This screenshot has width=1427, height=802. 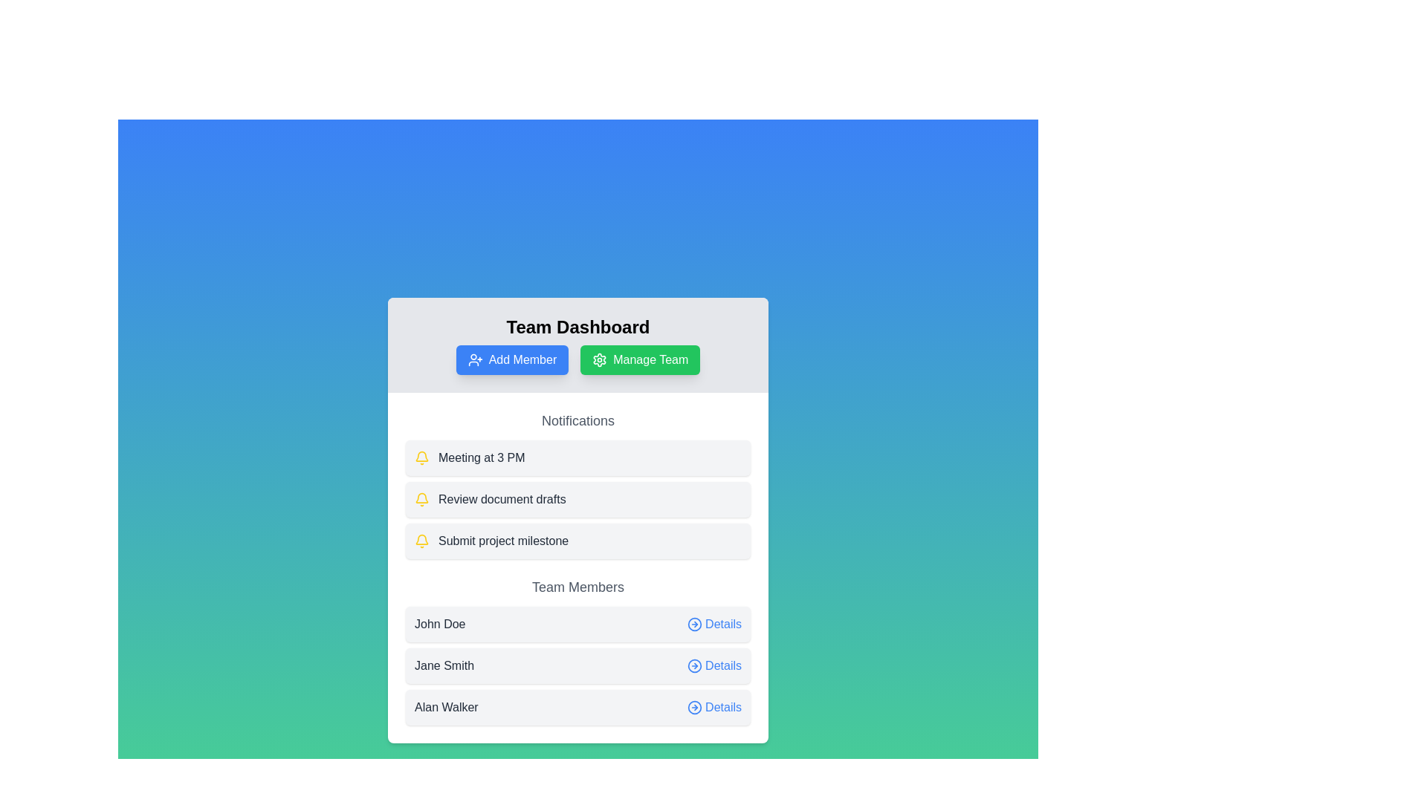 What do you see at coordinates (503, 541) in the screenshot?
I see `the text label displaying 'Submit project milestone', which is the third notification item in the 'Notifications' section and is visually aligned with a notification bell icon to its left` at bounding box center [503, 541].